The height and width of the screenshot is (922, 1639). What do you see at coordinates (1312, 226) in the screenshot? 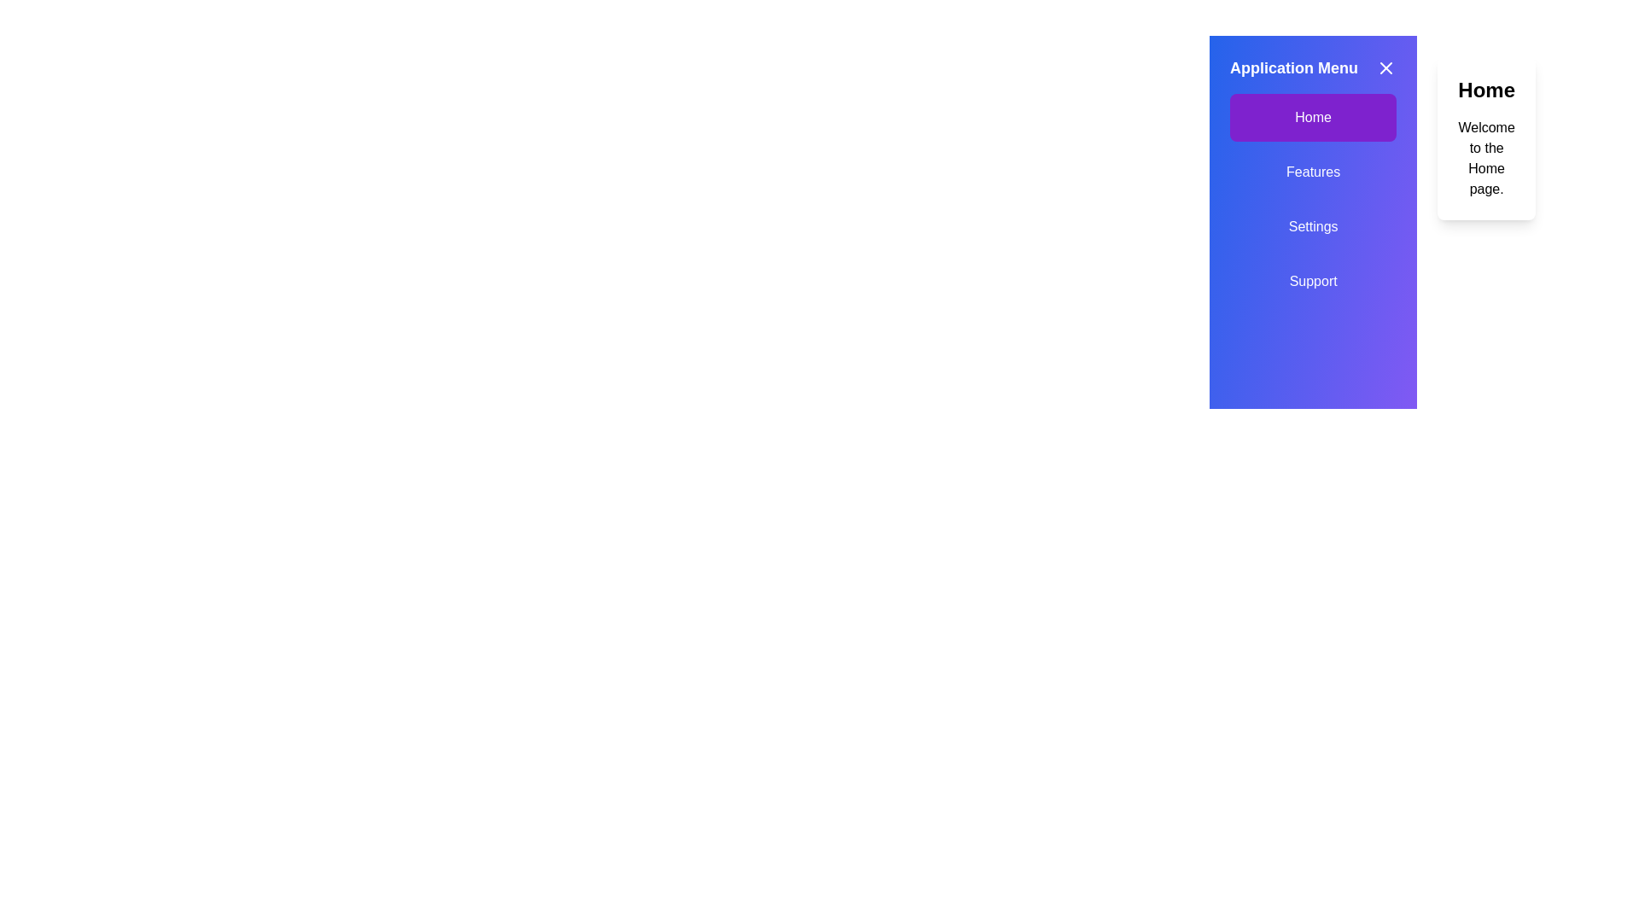
I see `the menu option Settings` at bounding box center [1312, 226].